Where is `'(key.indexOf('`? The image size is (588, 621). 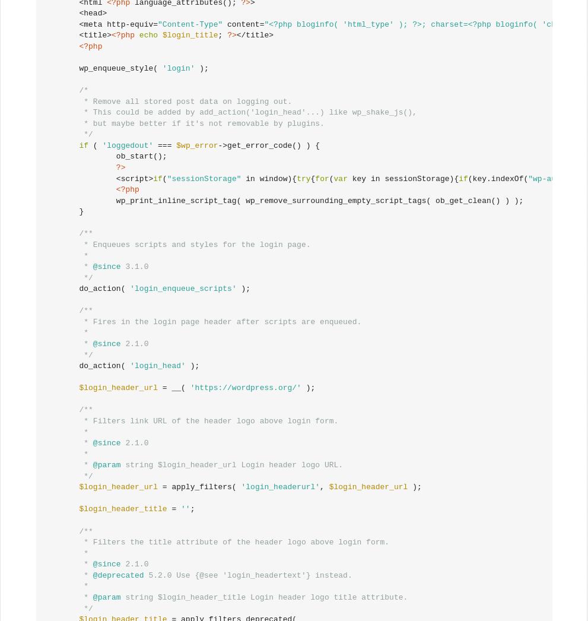
'(key.indexOf(' is located at coordinates (468, 178).